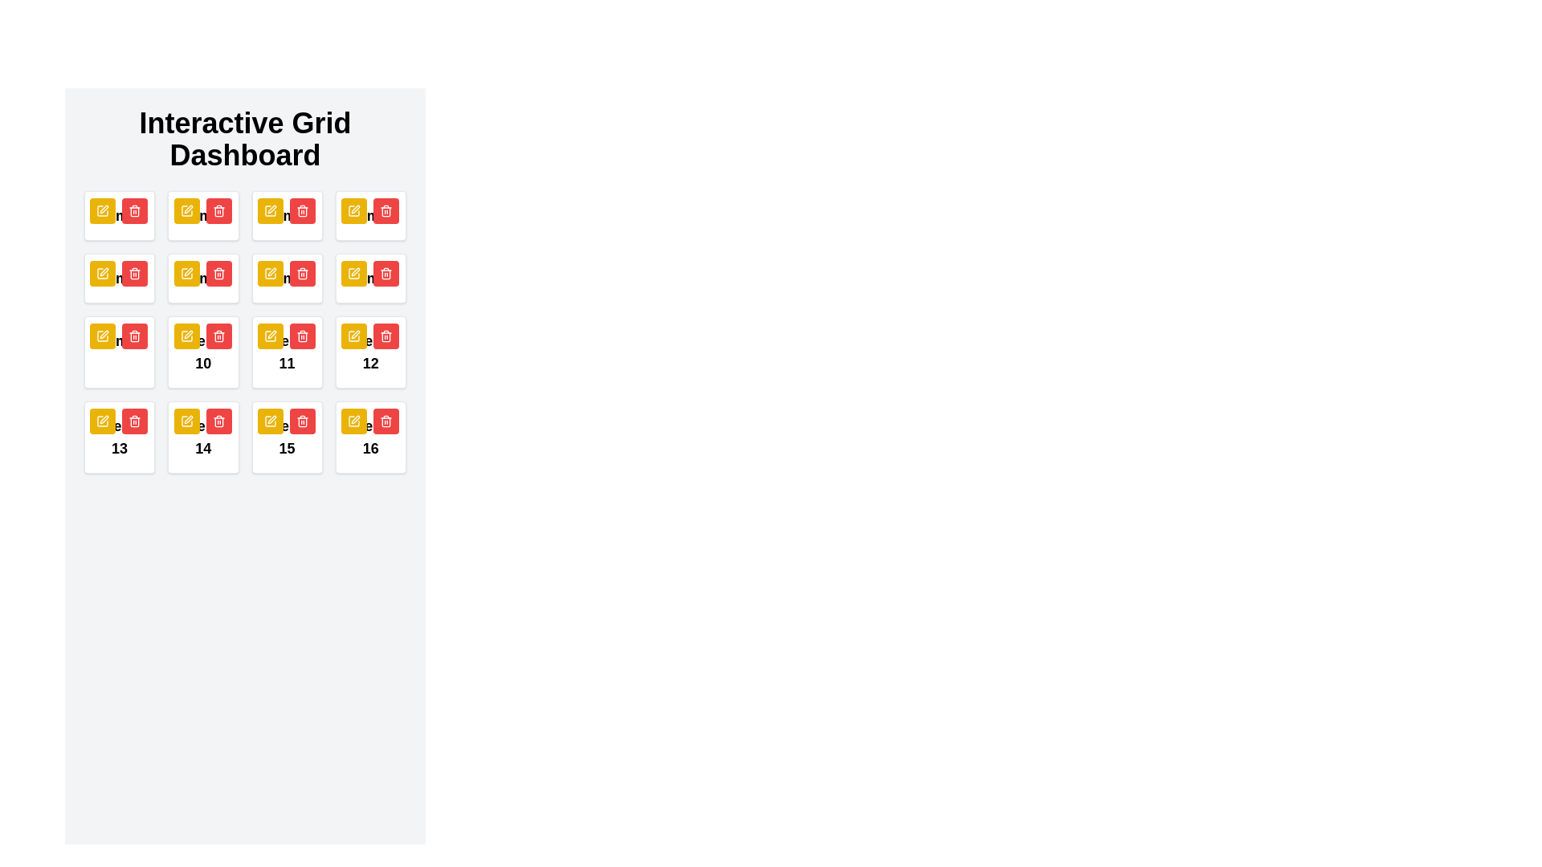 Image resolution: width=1542 pixels, height=867 pixels. I want to click on the delete button located in the top-right corner of the card labeled 'Item 6' to initiate the deletion process, so click(202, 272).